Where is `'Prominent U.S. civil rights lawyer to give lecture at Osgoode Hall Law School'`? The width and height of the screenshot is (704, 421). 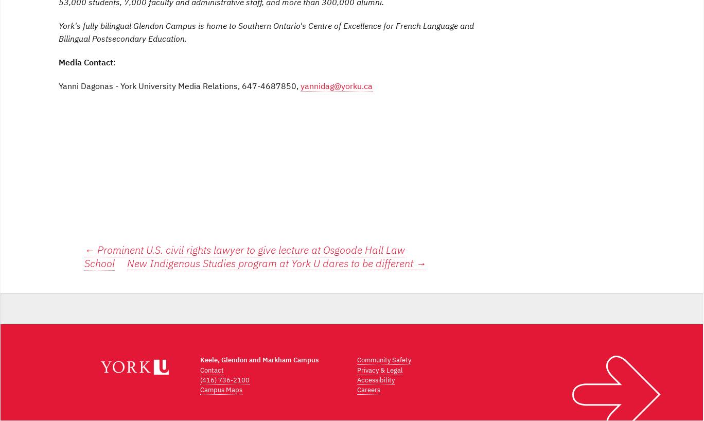 'Prominent U.S. civil rights lawyer to give lecture at Osgoode Hall Law School' is located at coordinates (244, 256).